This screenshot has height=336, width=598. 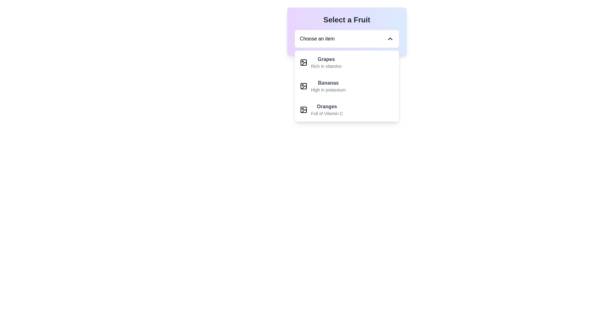 I want to click on the text label for 'Oranges', so click(x=326, y=106).